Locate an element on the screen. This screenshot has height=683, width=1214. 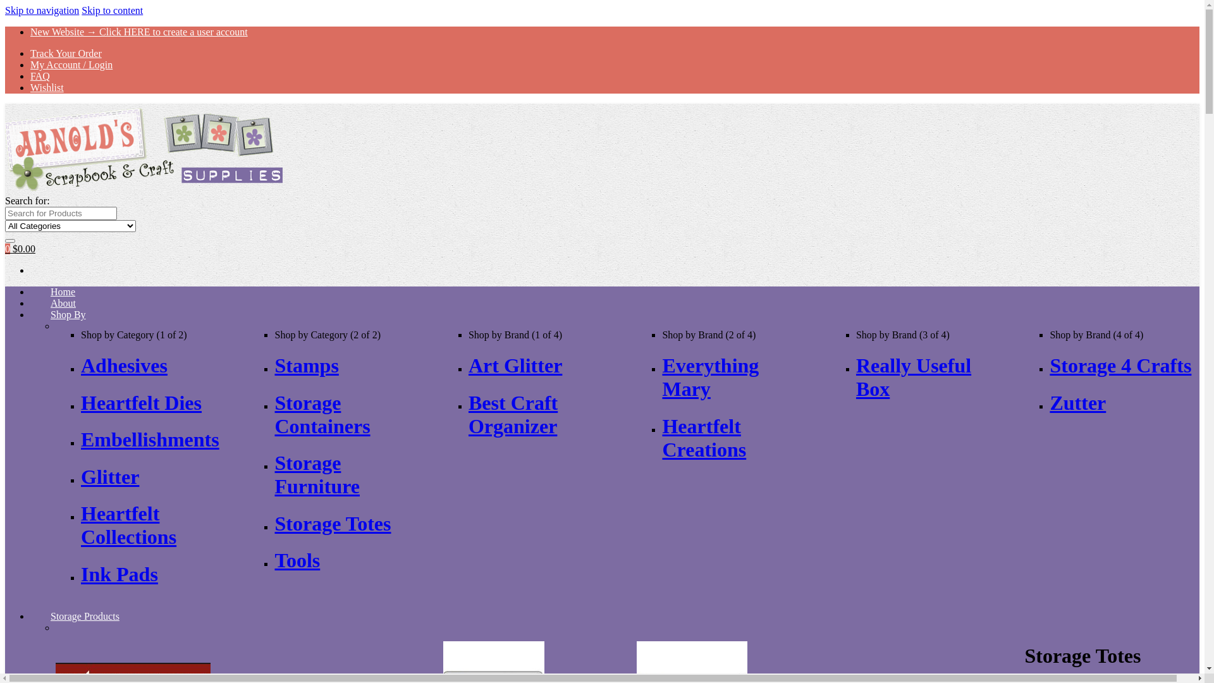
'Best Craft Organizer' is located at coordinates (513, 414).